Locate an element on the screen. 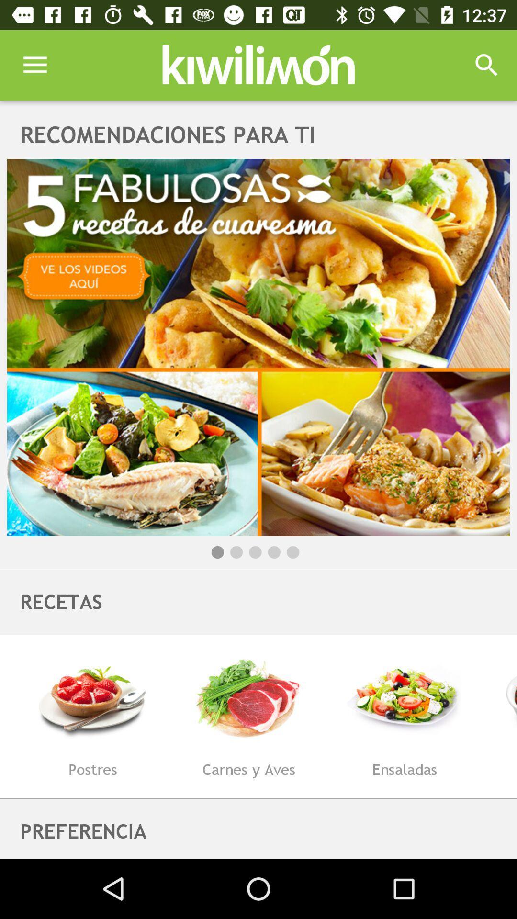 The width and height of the screenshot is (517, 919). this article is located at coordinates (258, 347).